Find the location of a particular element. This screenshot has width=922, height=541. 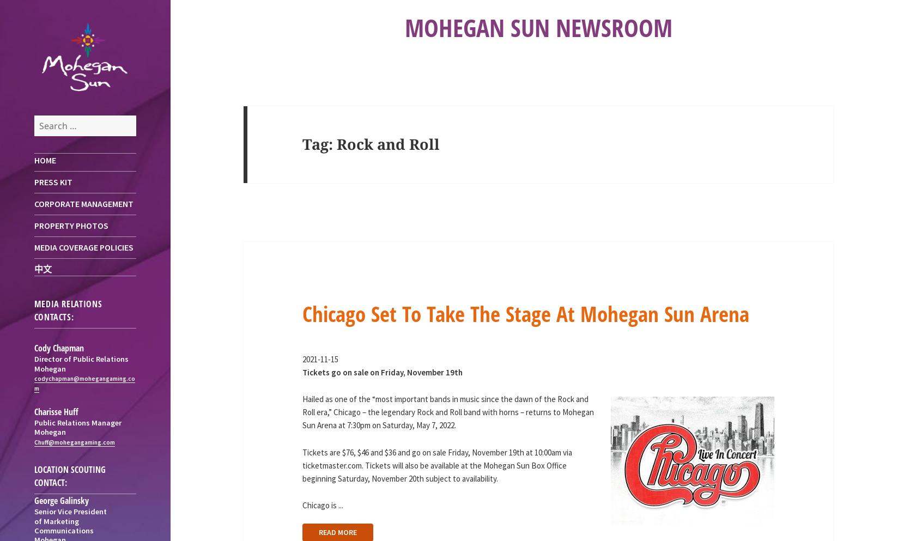

'Tickets are $76, $46 and $36 and go on sale Friday, November 19th at 10:00am via ticketmaster.com. Tickets will also be available at the Mohegan Sun Box Office beginning Saturday, November 20th subject to availability.' is located at coordinates (436, 464).